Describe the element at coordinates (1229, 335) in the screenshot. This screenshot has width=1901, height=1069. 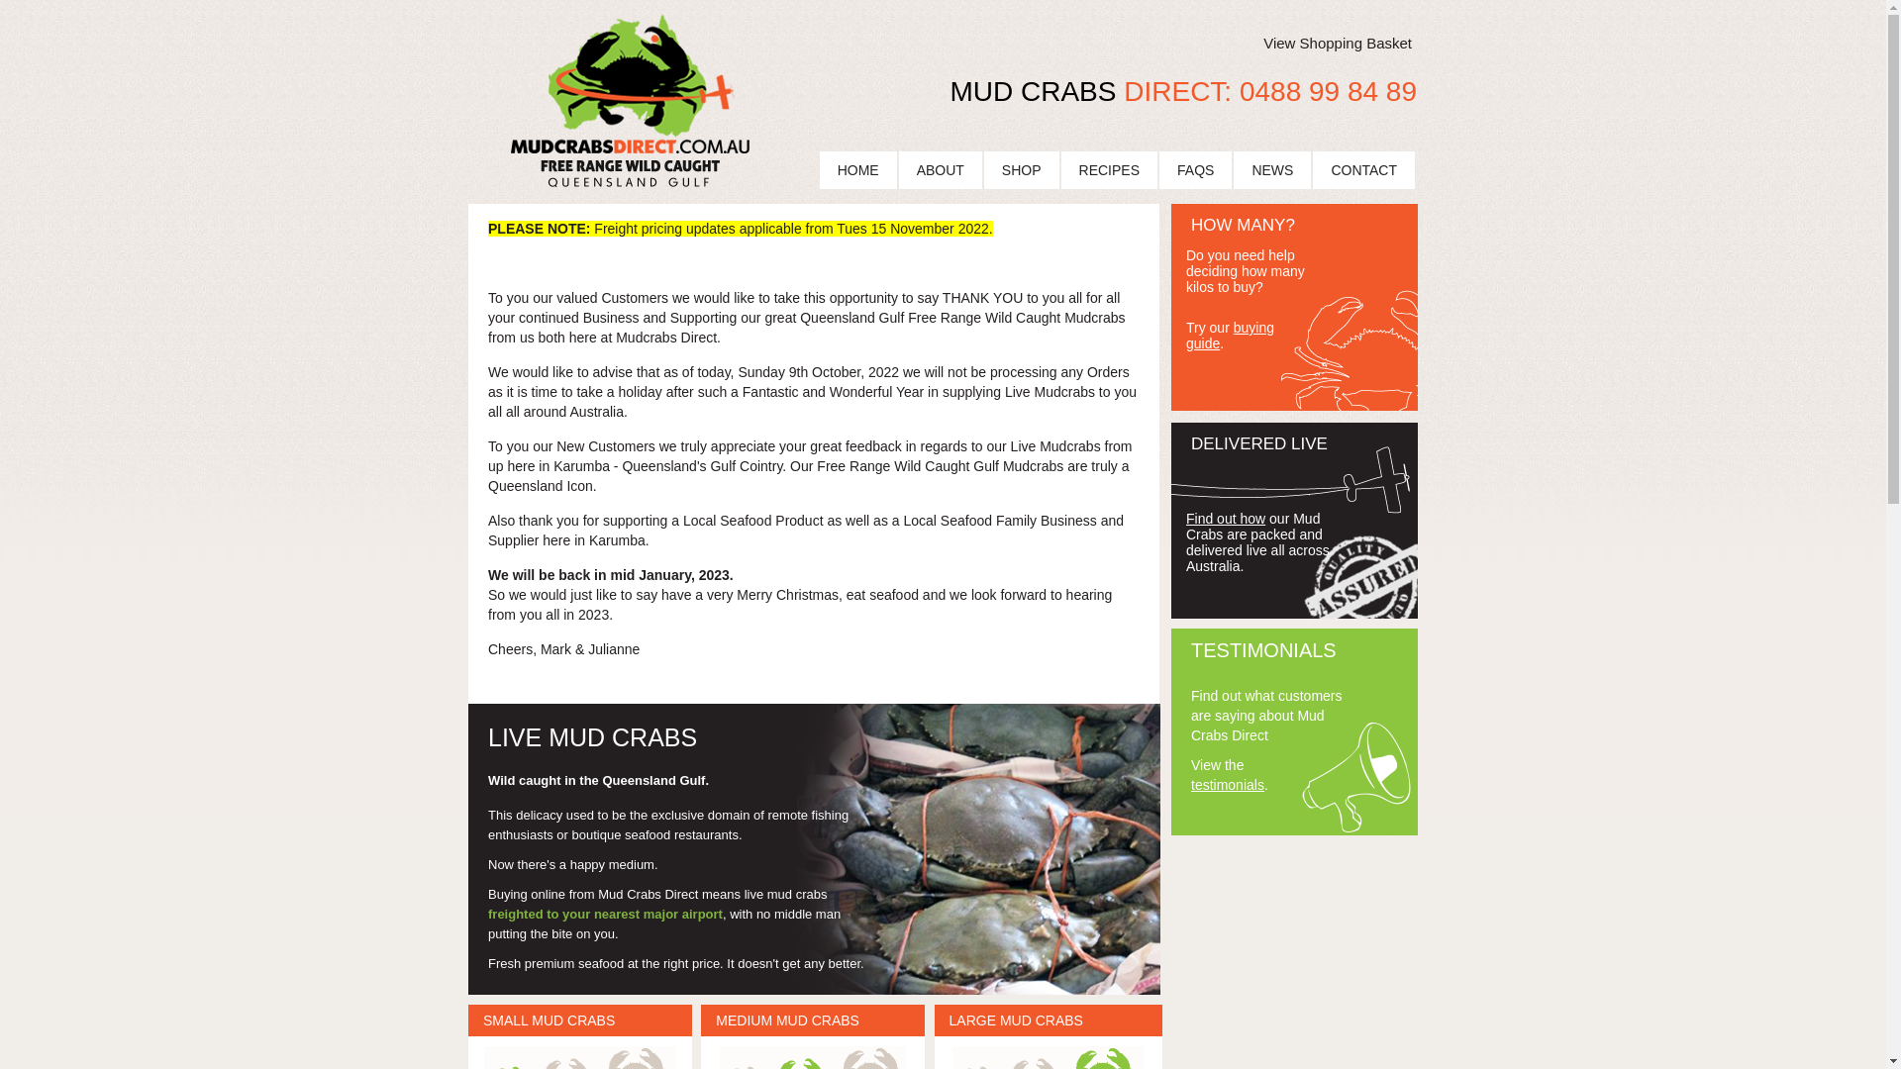
I see `'buying guide'` at that location.